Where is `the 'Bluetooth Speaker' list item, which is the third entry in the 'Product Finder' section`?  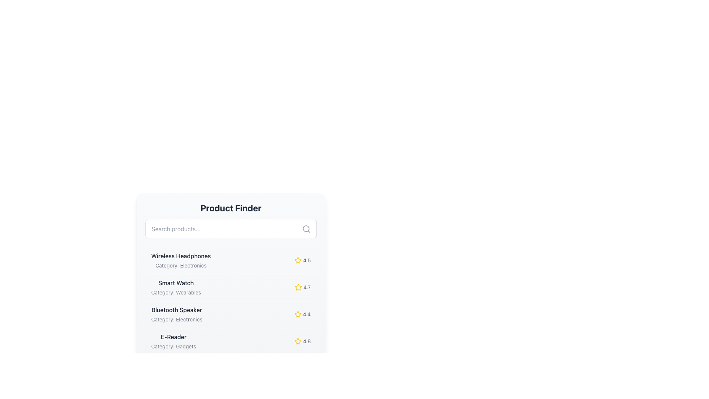
the 'Bluetooth Speaker' list item, which is the third entry in the 'Product Finder' section is located at coordinates (230, 314).